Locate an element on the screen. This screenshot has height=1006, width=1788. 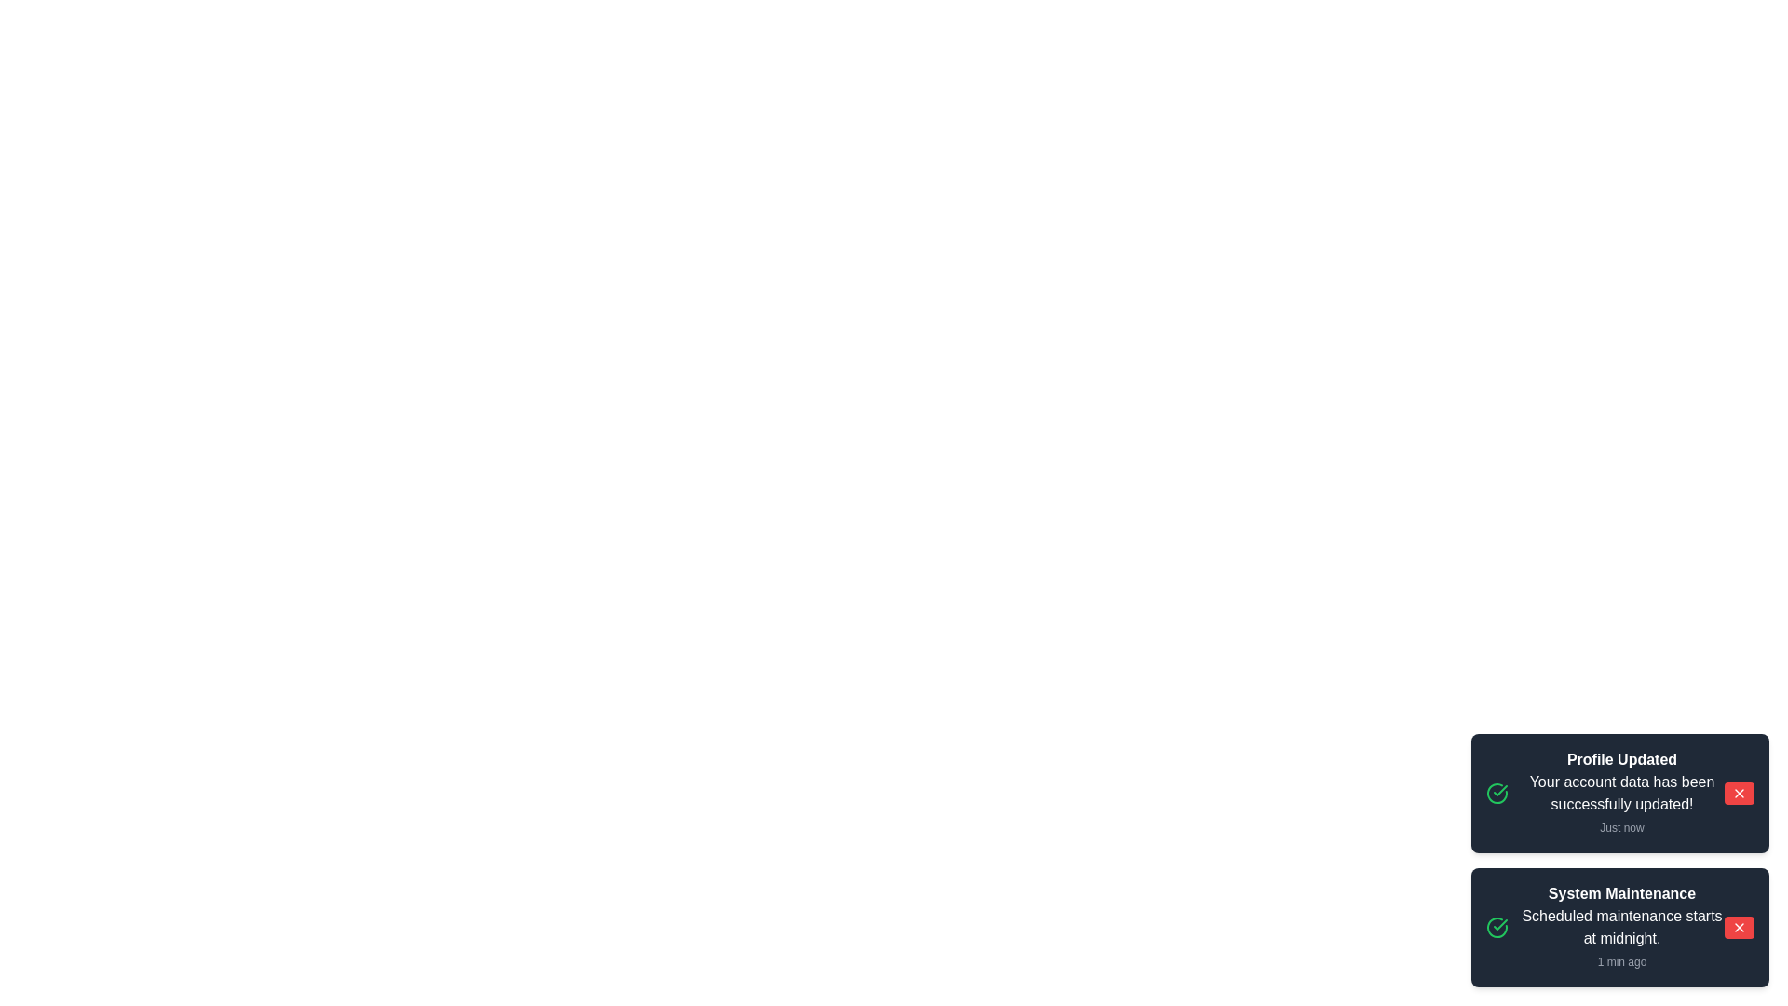
the close button for the notification with title System Maintenance is located at coordinates (1738, 927).